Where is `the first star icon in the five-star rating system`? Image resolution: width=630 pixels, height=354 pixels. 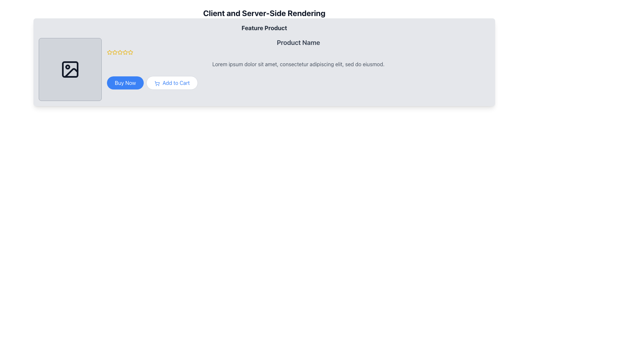
the first star icon in the five-star rating system is located at coordinates (115, 52).